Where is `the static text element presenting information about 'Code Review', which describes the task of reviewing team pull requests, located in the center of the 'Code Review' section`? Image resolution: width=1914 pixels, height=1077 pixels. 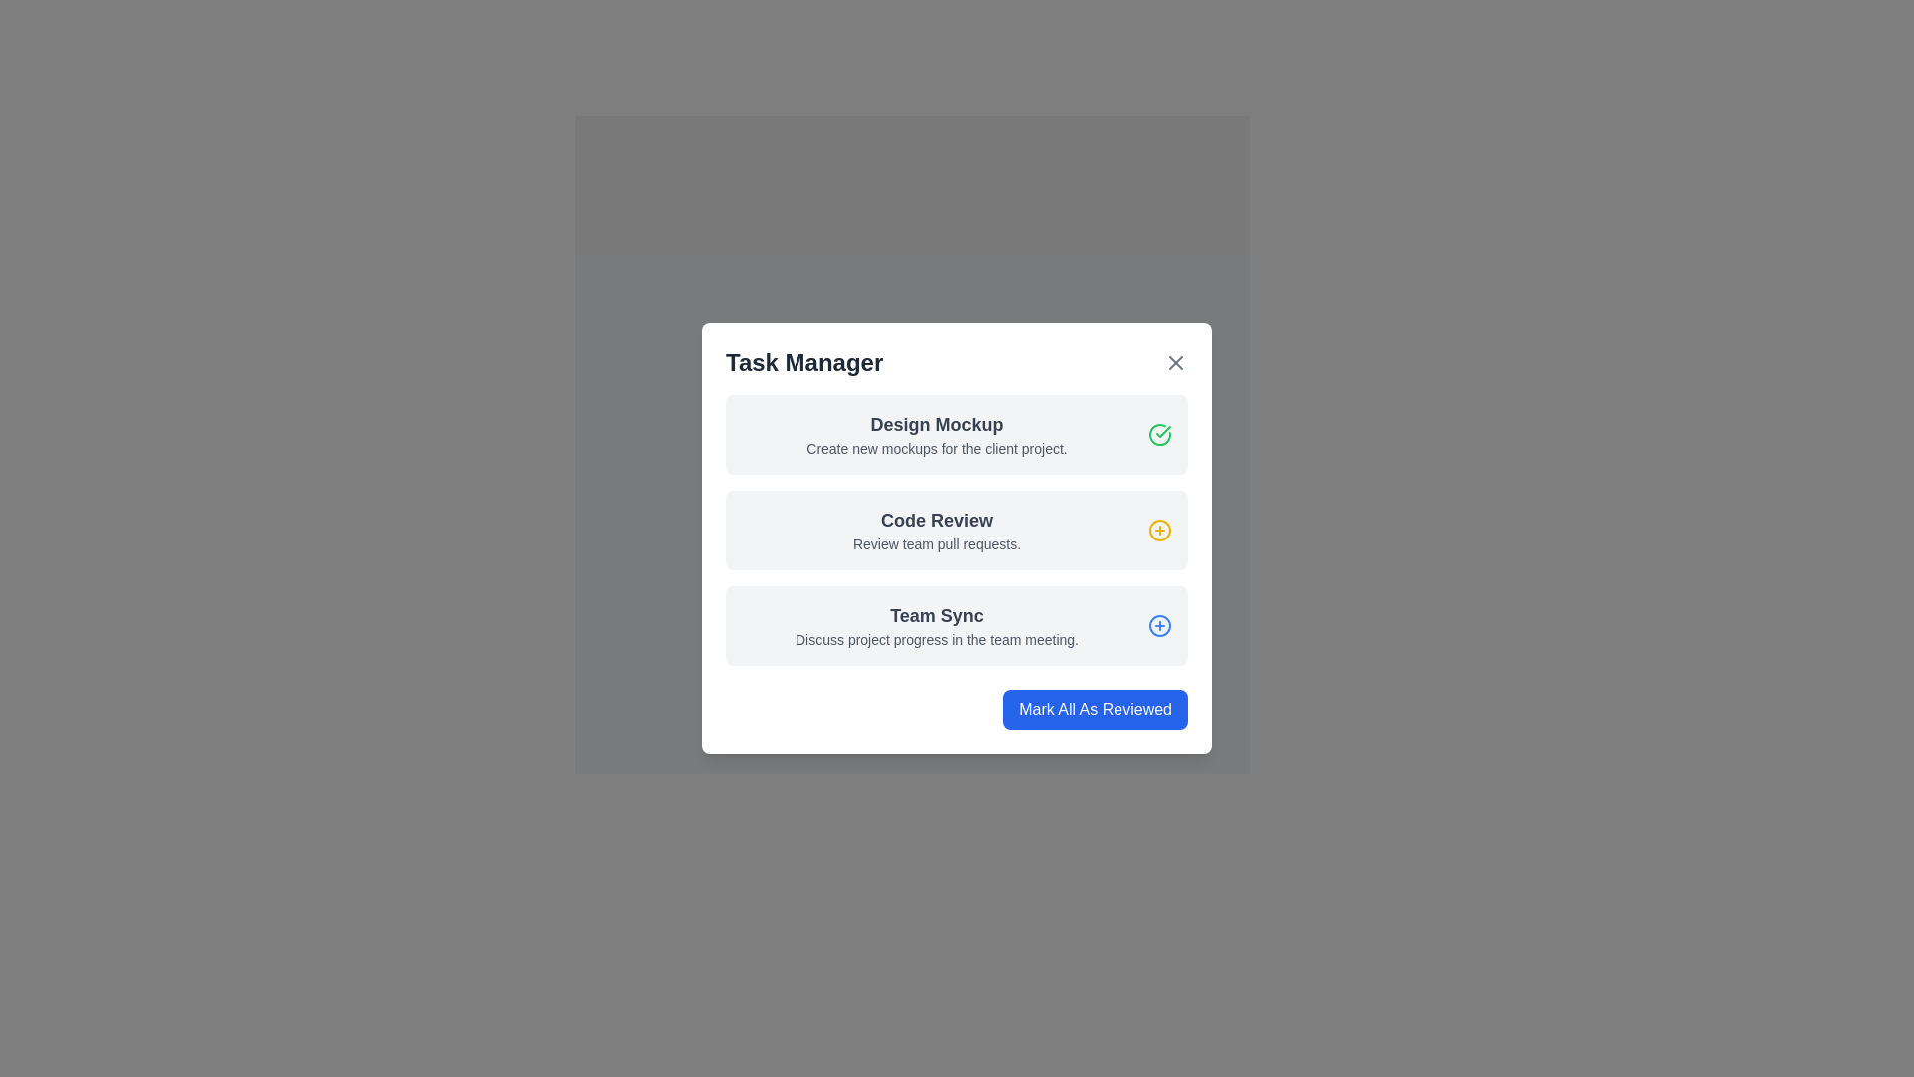
the static text element presenting information about 'Code Review', which describes the task of reviewing team pull requests, located in the center of the 'Code Review' section is located at coordinates (936, 530).